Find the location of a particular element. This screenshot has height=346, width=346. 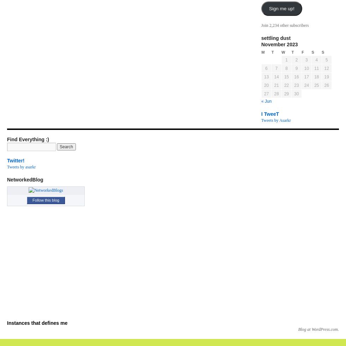

'Follow this blog' is located at coordinates (46, 200).